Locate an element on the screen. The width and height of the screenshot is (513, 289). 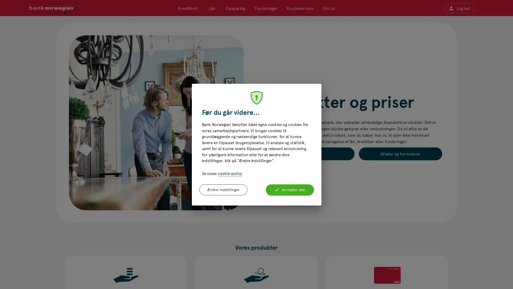
Om os is located at coordinates (328, 8).